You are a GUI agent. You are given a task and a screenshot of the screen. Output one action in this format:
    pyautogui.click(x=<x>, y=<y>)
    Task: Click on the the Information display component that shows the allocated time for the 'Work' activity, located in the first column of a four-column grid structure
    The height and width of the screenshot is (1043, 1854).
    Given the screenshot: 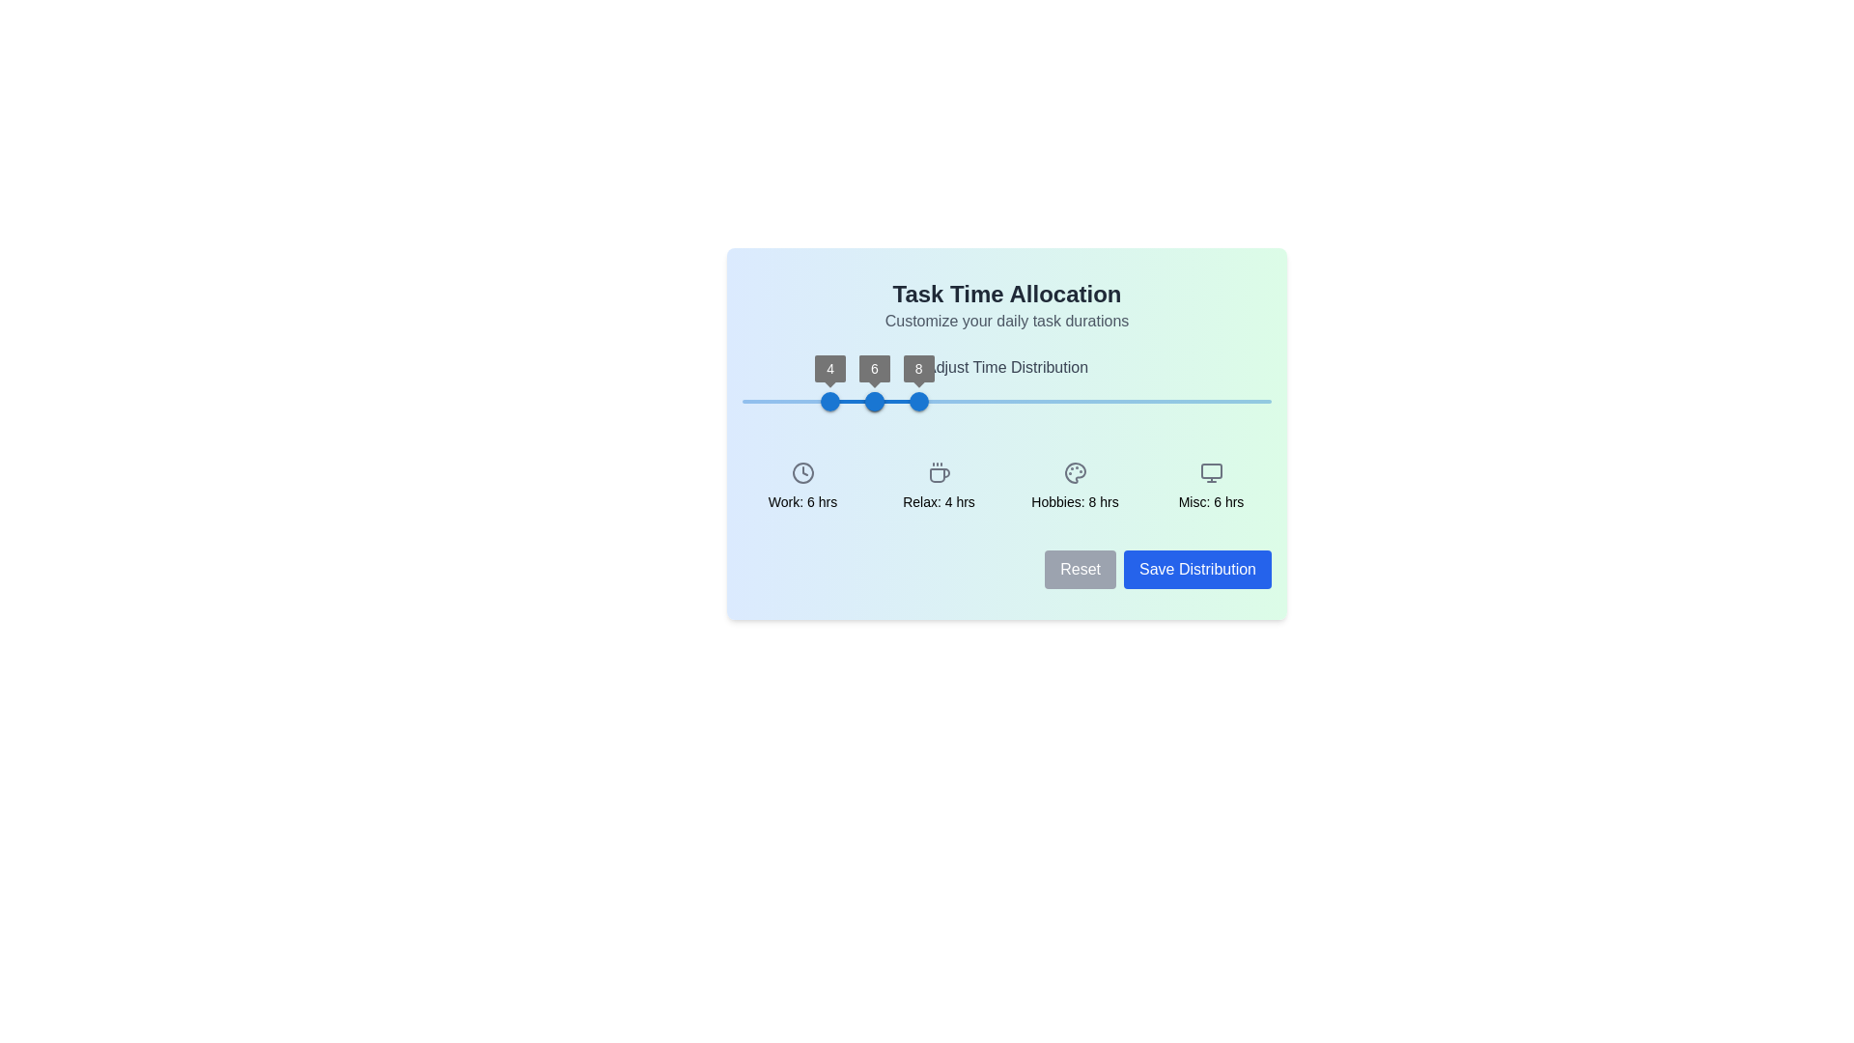 What is the action you would take?
    pyautogui.click(x=802, y=486)
    